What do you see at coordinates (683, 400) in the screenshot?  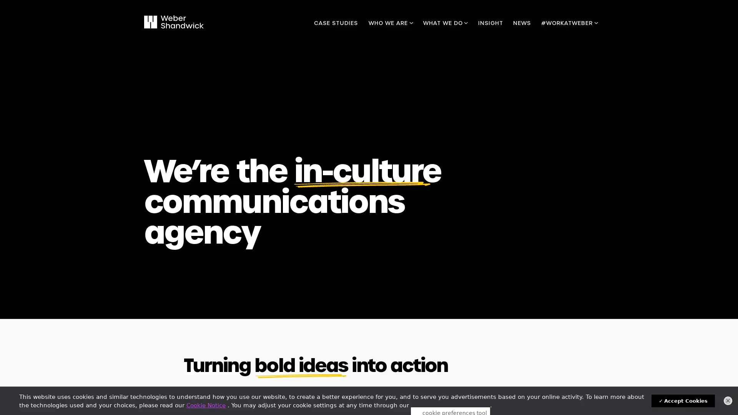 I see `Accept Cookies` at bounding box center [683, 400].